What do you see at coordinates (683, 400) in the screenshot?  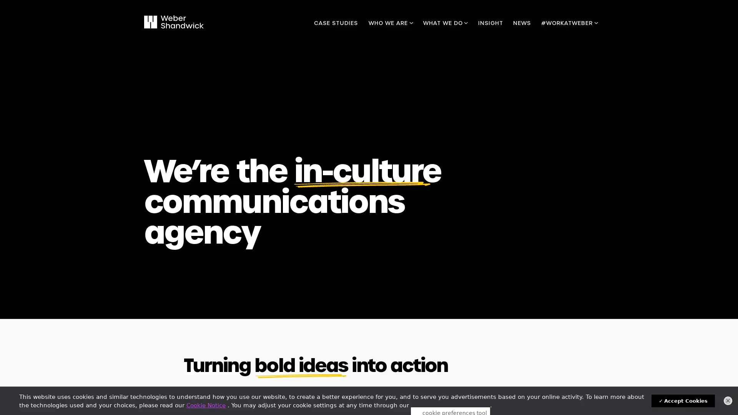 I see `Accept Cookies` at bounding box center [683, 400].